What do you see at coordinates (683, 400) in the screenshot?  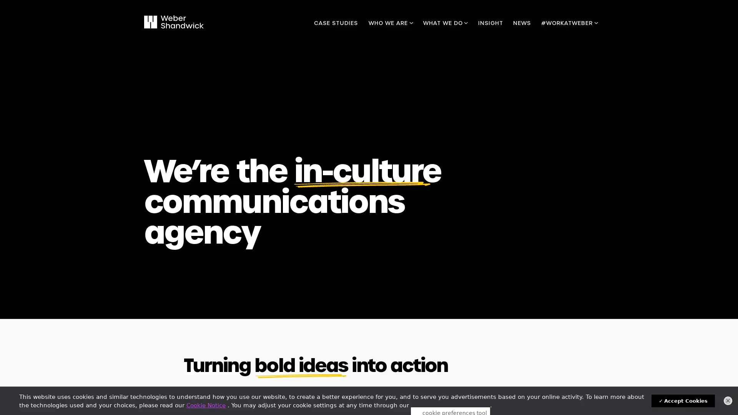 I see `Accept Cookies` at bounding box center [683, 400].